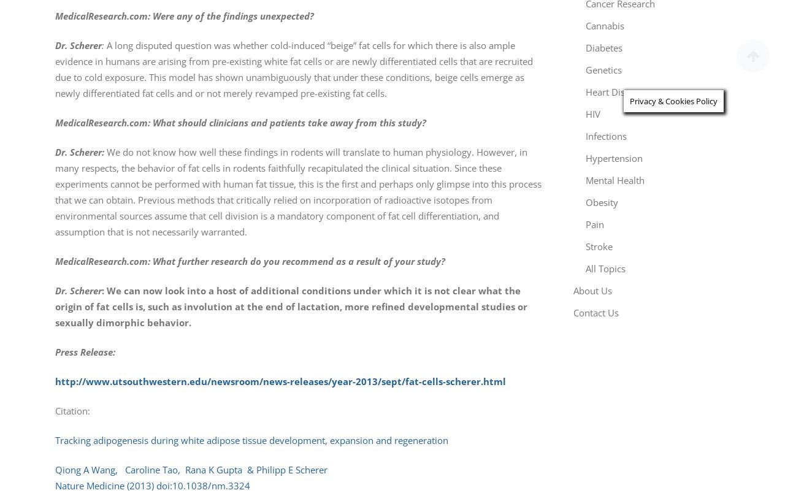  I want to click on 'A long disputed question was whether cold-induced “beige” fat cells for which there is also ample evidence in humans are arising from pre-existing white fat cells or are newly differentiated cells that are recruited due to cold exposure. This model has shown unambiguously that under these conditions, beige cells emerge as newly differentiated fat cells and or not merely revamped pre-existing fat cells.', so click(293, 69).